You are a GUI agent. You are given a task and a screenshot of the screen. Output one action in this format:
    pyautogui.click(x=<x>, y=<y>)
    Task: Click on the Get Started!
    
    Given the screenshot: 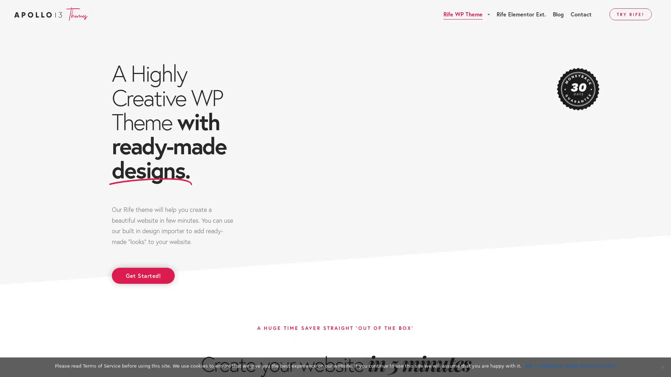 What is the action you would take?
    pyautogui.click(x=143, y=275)
    